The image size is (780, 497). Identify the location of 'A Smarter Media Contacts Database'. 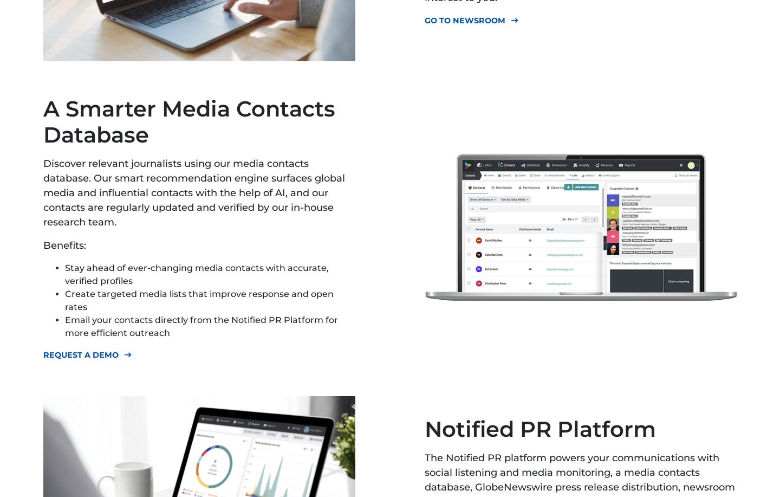
(43, 121).